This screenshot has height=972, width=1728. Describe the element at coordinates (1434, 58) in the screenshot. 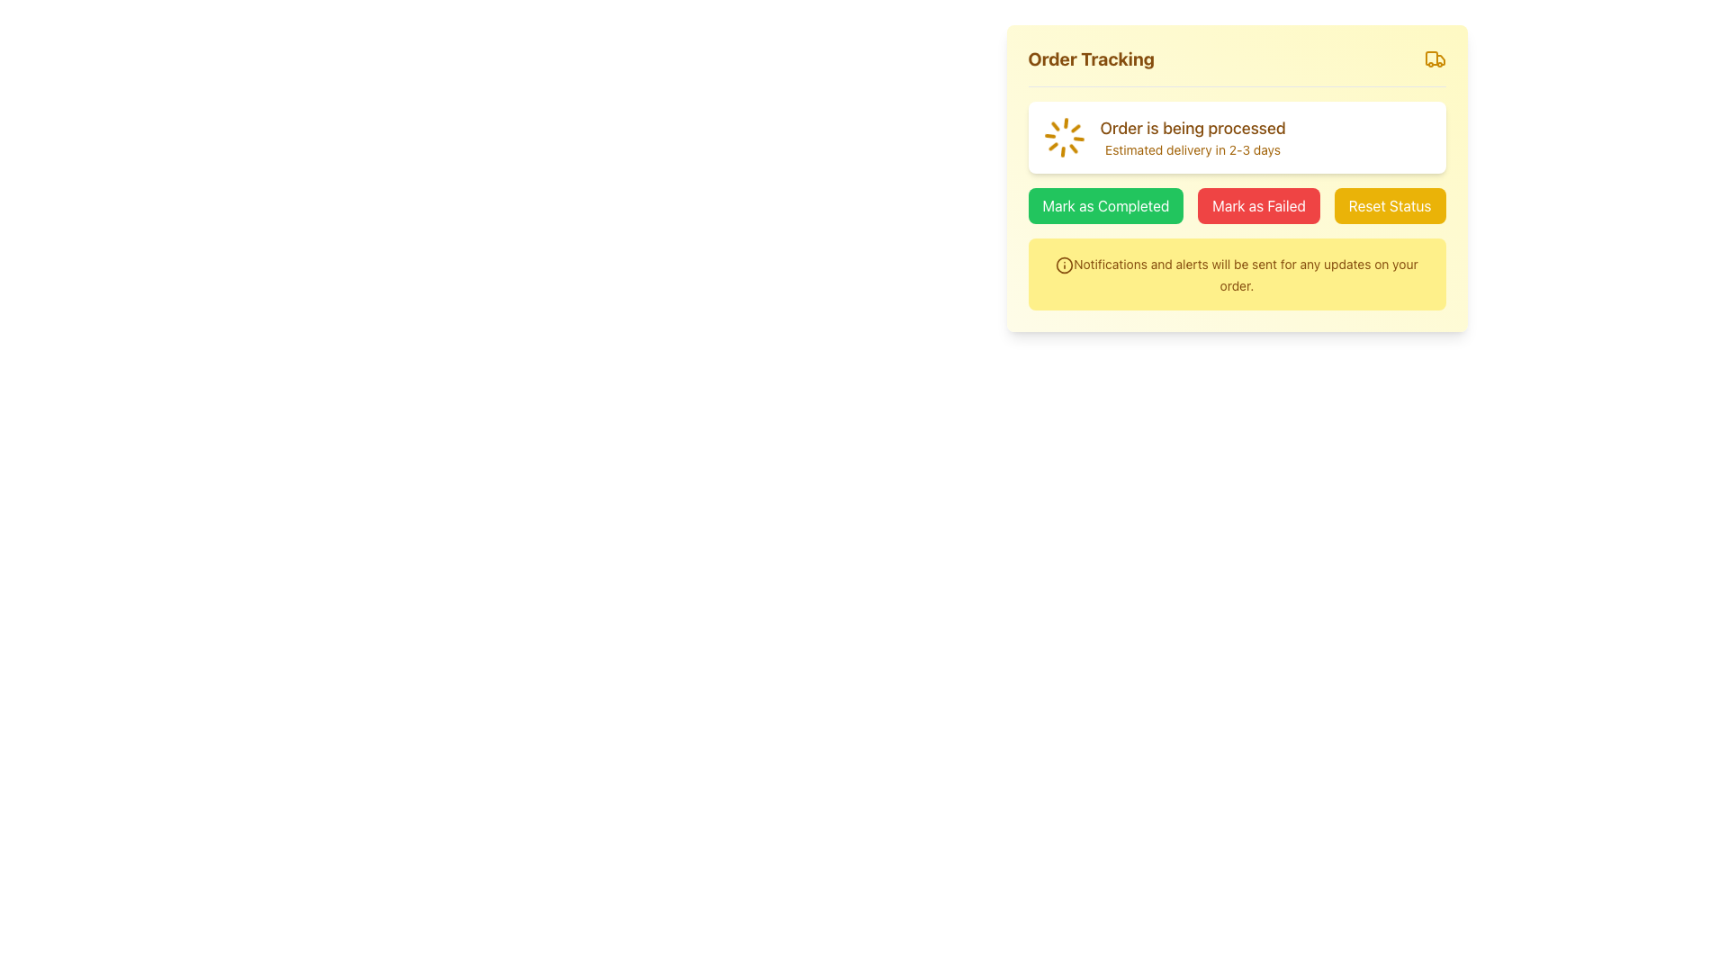

I see `the yellow-orange truck icon associated with the 'Order Tracking' label located in the top-right corner of the 'Order Tracking' section` at that location.